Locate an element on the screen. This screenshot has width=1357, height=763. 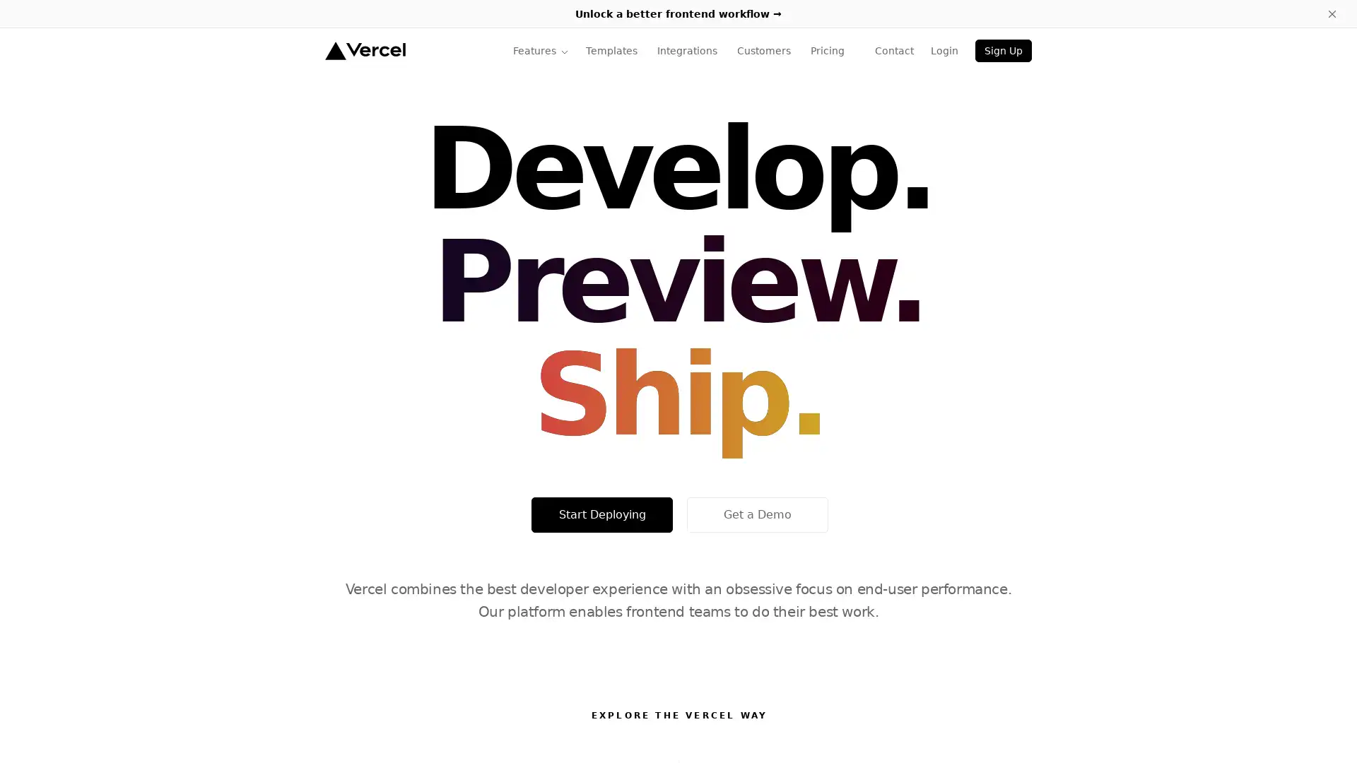
Sign Up is located at coordinates (1003, 50).